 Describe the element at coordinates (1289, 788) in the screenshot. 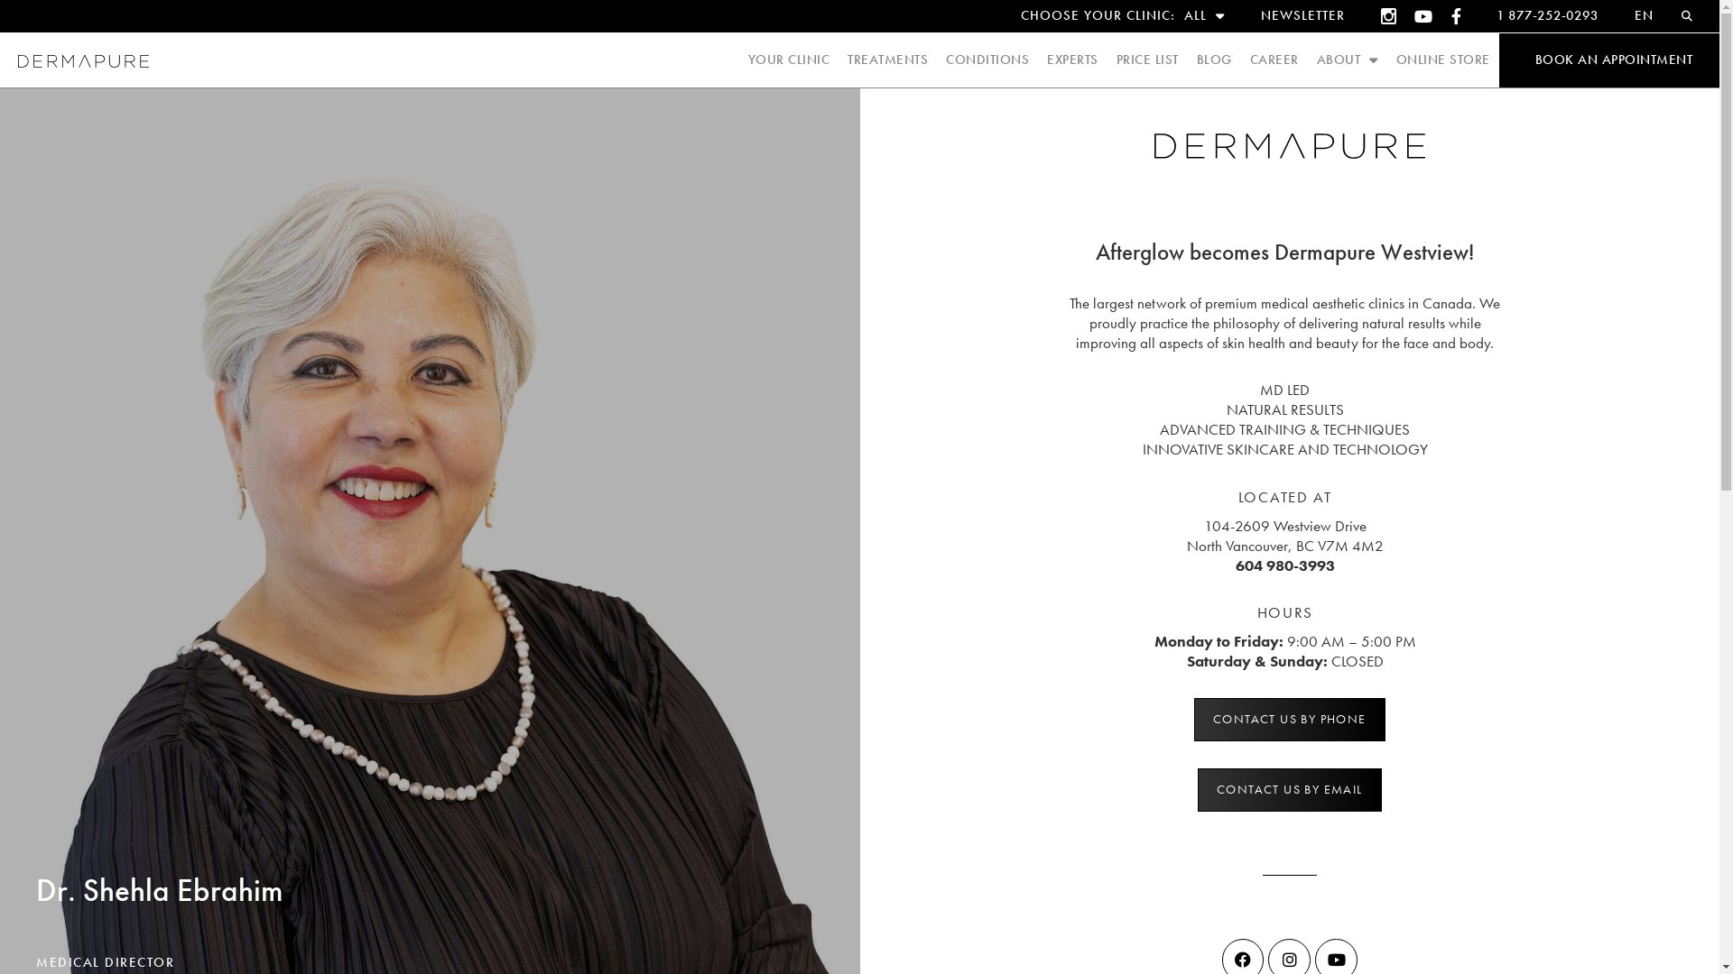

I see `'CONTACT US BY EMAIL'` at that location.